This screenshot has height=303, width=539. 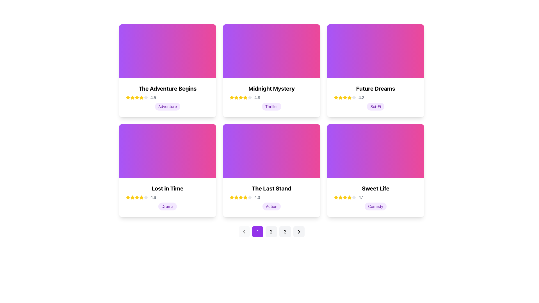 I want to click on the fifth star in the sequence of rating stars under the card titled 'Midnight Mystery' for visual confirmation, so click(x=241, y=97).